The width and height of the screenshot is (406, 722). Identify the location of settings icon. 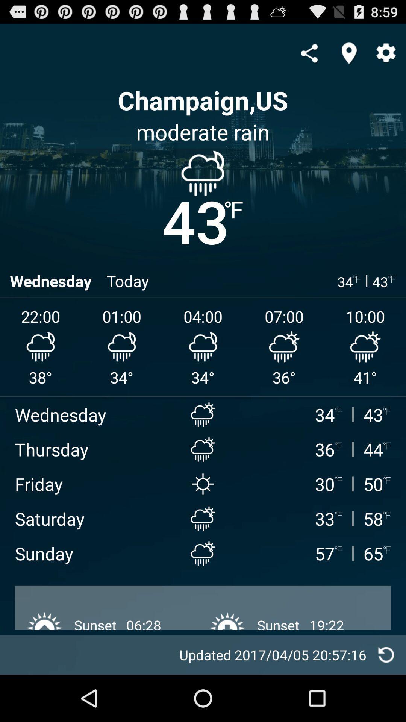
(386, 53).